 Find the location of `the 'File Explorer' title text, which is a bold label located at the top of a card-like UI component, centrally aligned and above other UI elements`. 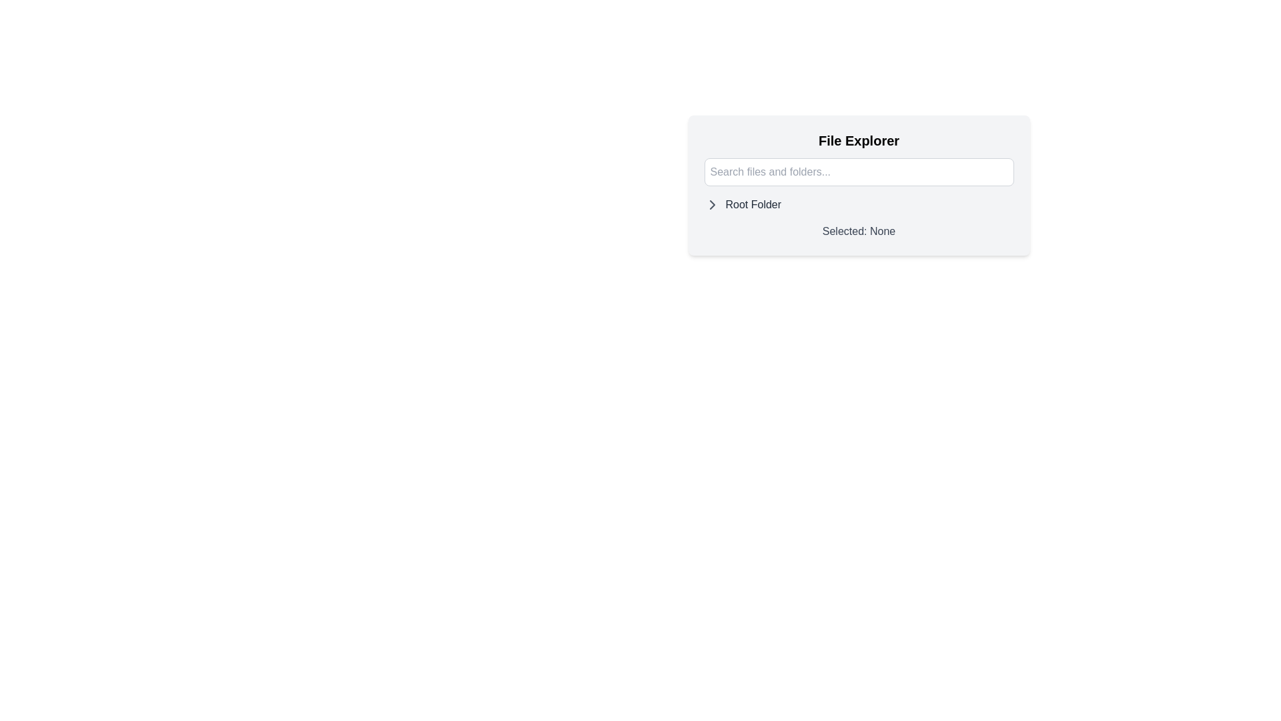

the 'File Explorer' title text, which is a bold label located at the top of a card-like UI component, centrally aligned and above other UI elements is located at coordinates (859, 141).